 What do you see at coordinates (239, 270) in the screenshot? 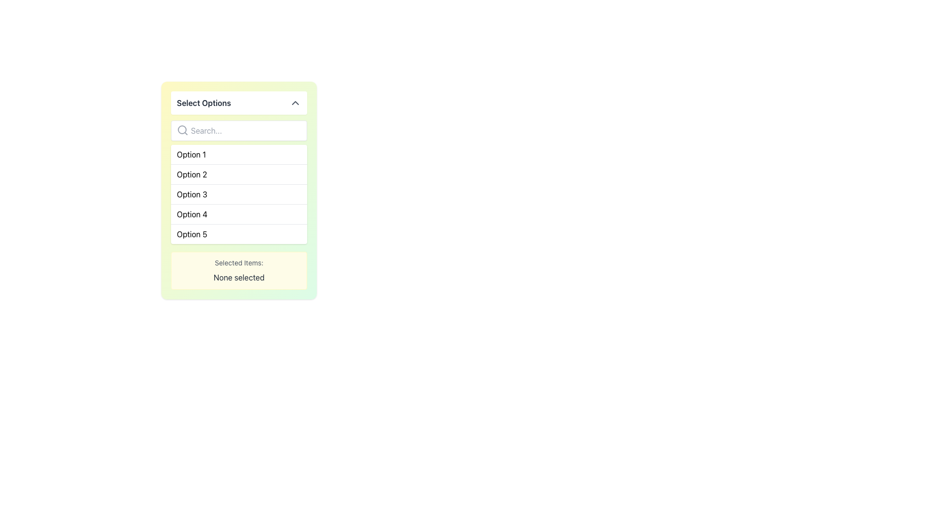
I see `the Informational display panel that shows the current status indicating no items are selected, positioned beneath 'Option 5'` at bounding box center [239, 270].